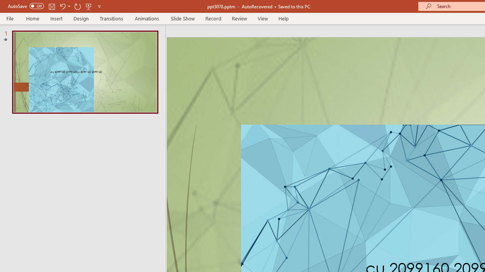 The width and height of the screenshot is (485, 272). I want to click on 'Quick Access Toolbar', so click(55, 6).